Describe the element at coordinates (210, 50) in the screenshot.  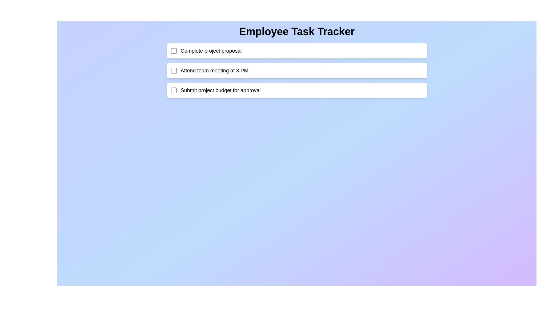
I see `the text of a task for copying or editing` at that location.